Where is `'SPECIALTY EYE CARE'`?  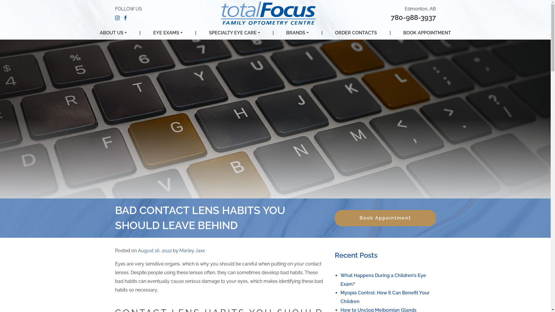 'SPECIALTY EYE CARE' is located at coordinates (234, 33).